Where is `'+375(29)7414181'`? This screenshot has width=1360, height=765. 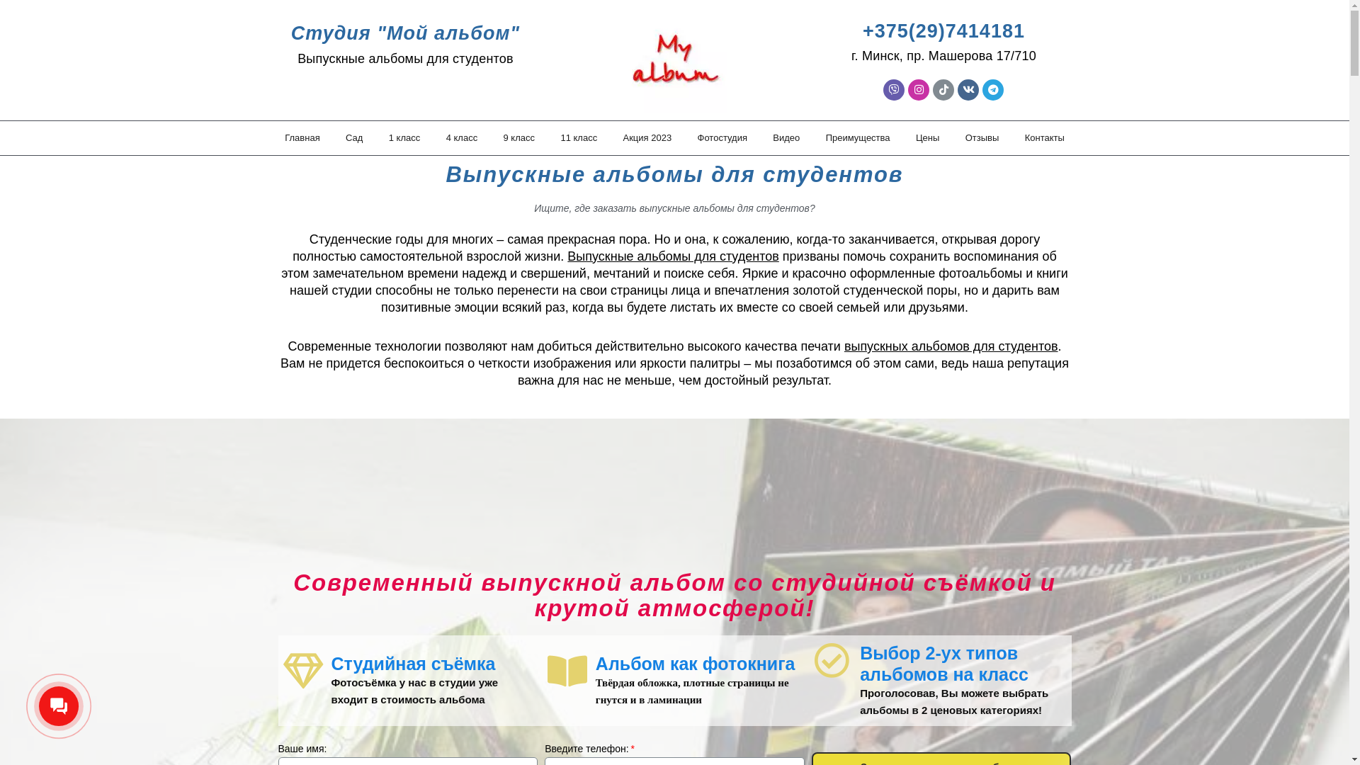 '+375(29)7414181' is located at coordinates (943, 30).